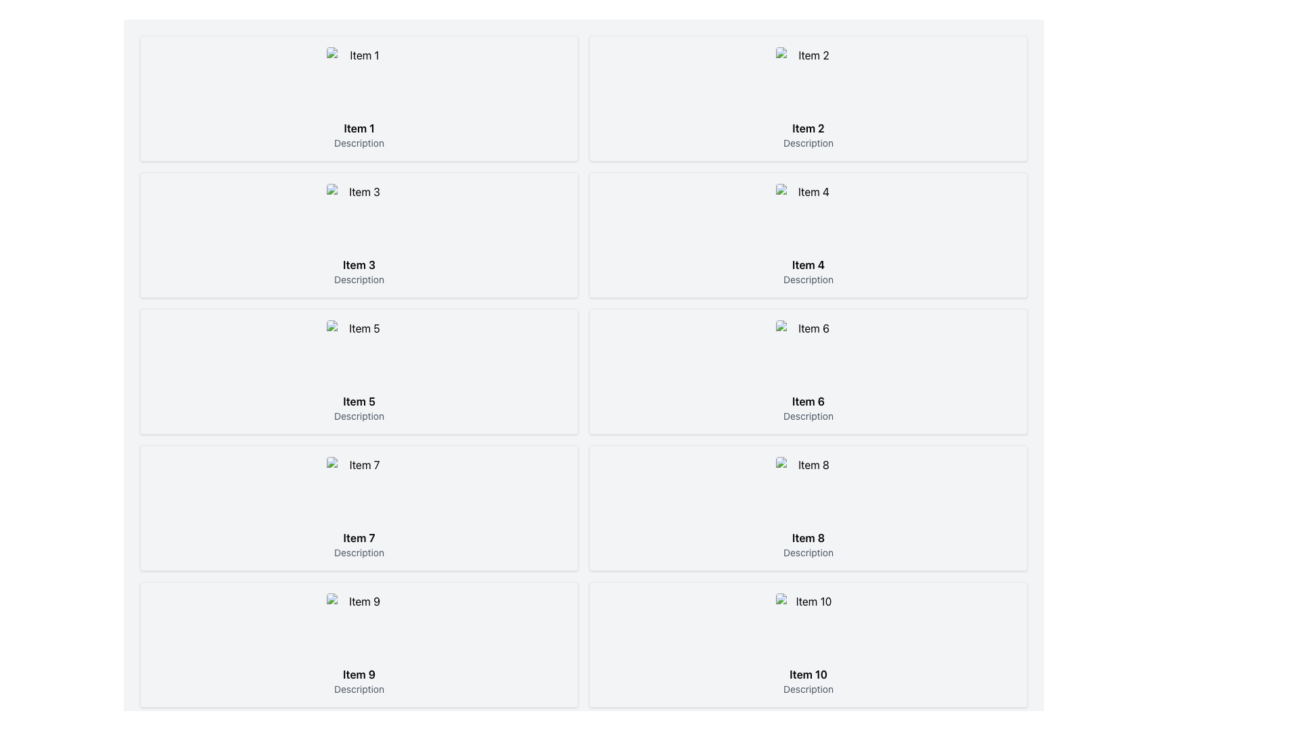 The width and height of the screenshot is (1299, 730). Describe the element at coordinates (808, 675) in the screenshot. I see `text label displaying 'Item 10' which is located below the image and above the description text 'Description.'` at that location.